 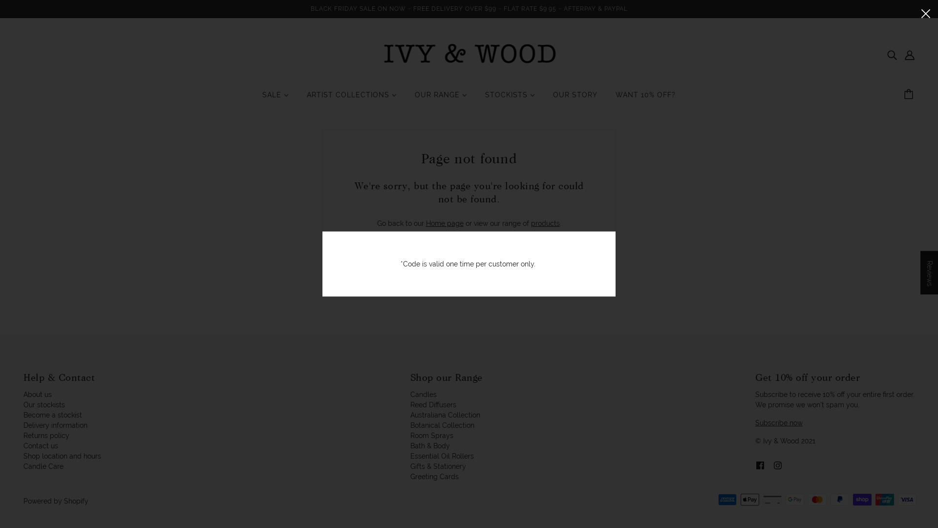 I want to click on 'Become a stockist', so click(x=52, y=415).